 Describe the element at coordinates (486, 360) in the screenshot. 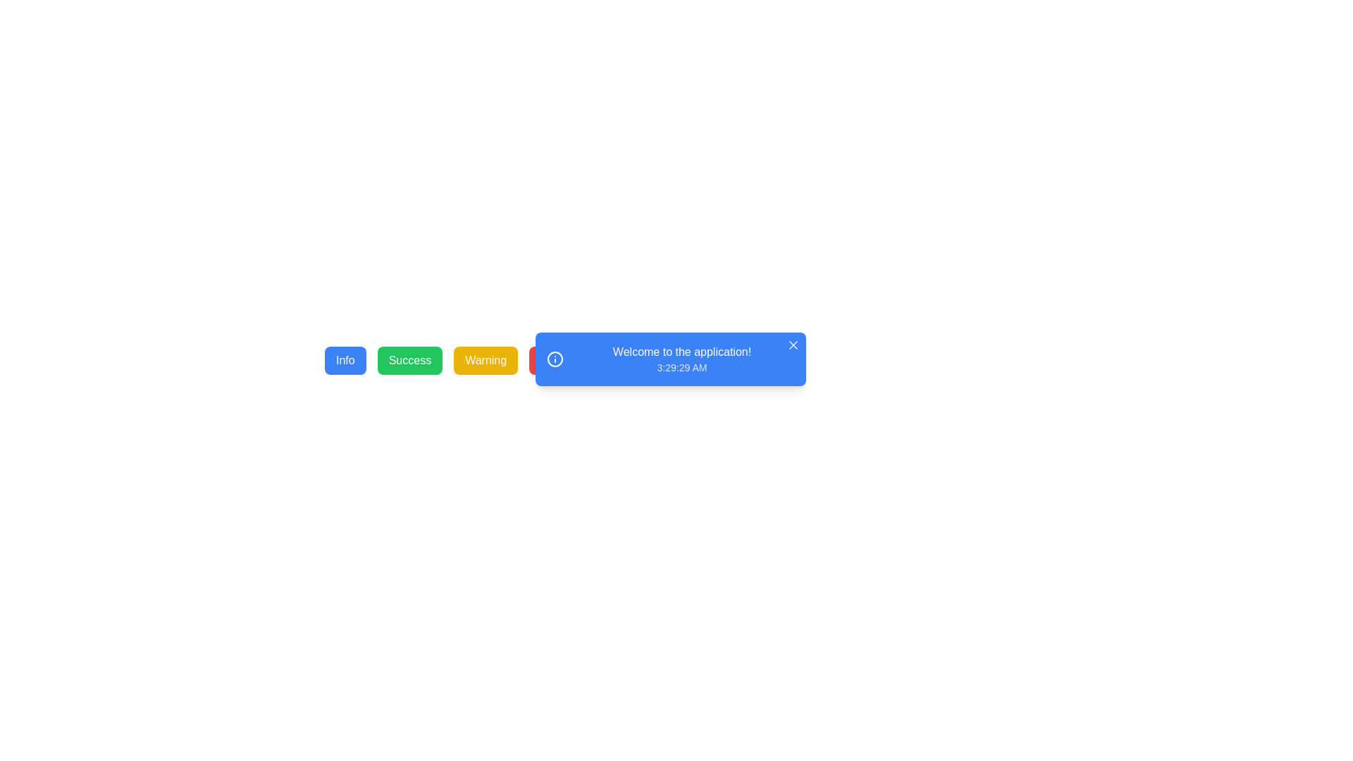

I see `the 'Warning' button, which is a rectangular button with rounded corners, yellow background, and white text, positioned between the 'Success' button on the left and the 'Error' button on the right` at that location.